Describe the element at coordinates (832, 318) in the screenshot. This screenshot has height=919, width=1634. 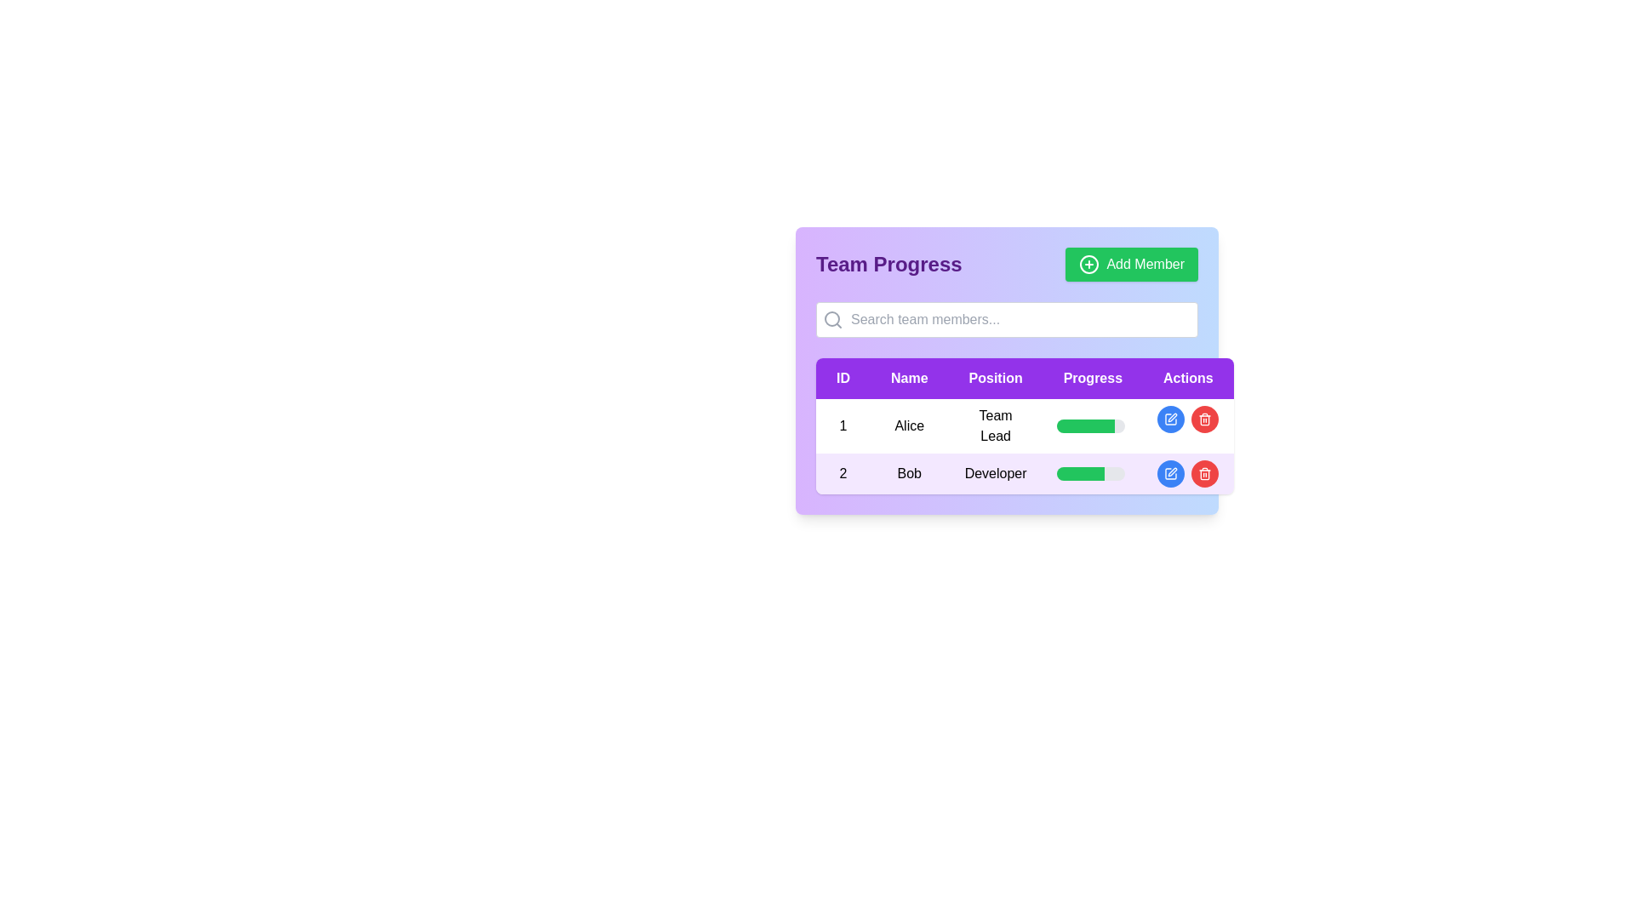
I see `the circular vector graphic resembling a magnifying glass, which is the search icon located at the start of the input field` at that location.